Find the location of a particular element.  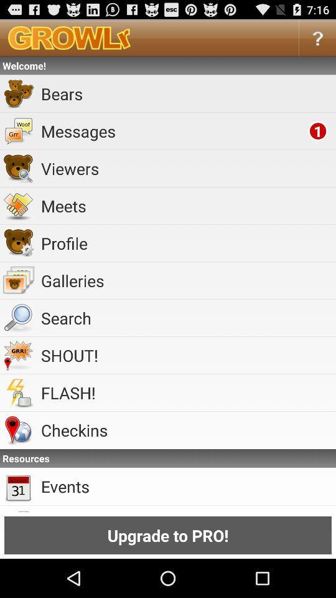

profile icon is located at coordinates (185, 242).